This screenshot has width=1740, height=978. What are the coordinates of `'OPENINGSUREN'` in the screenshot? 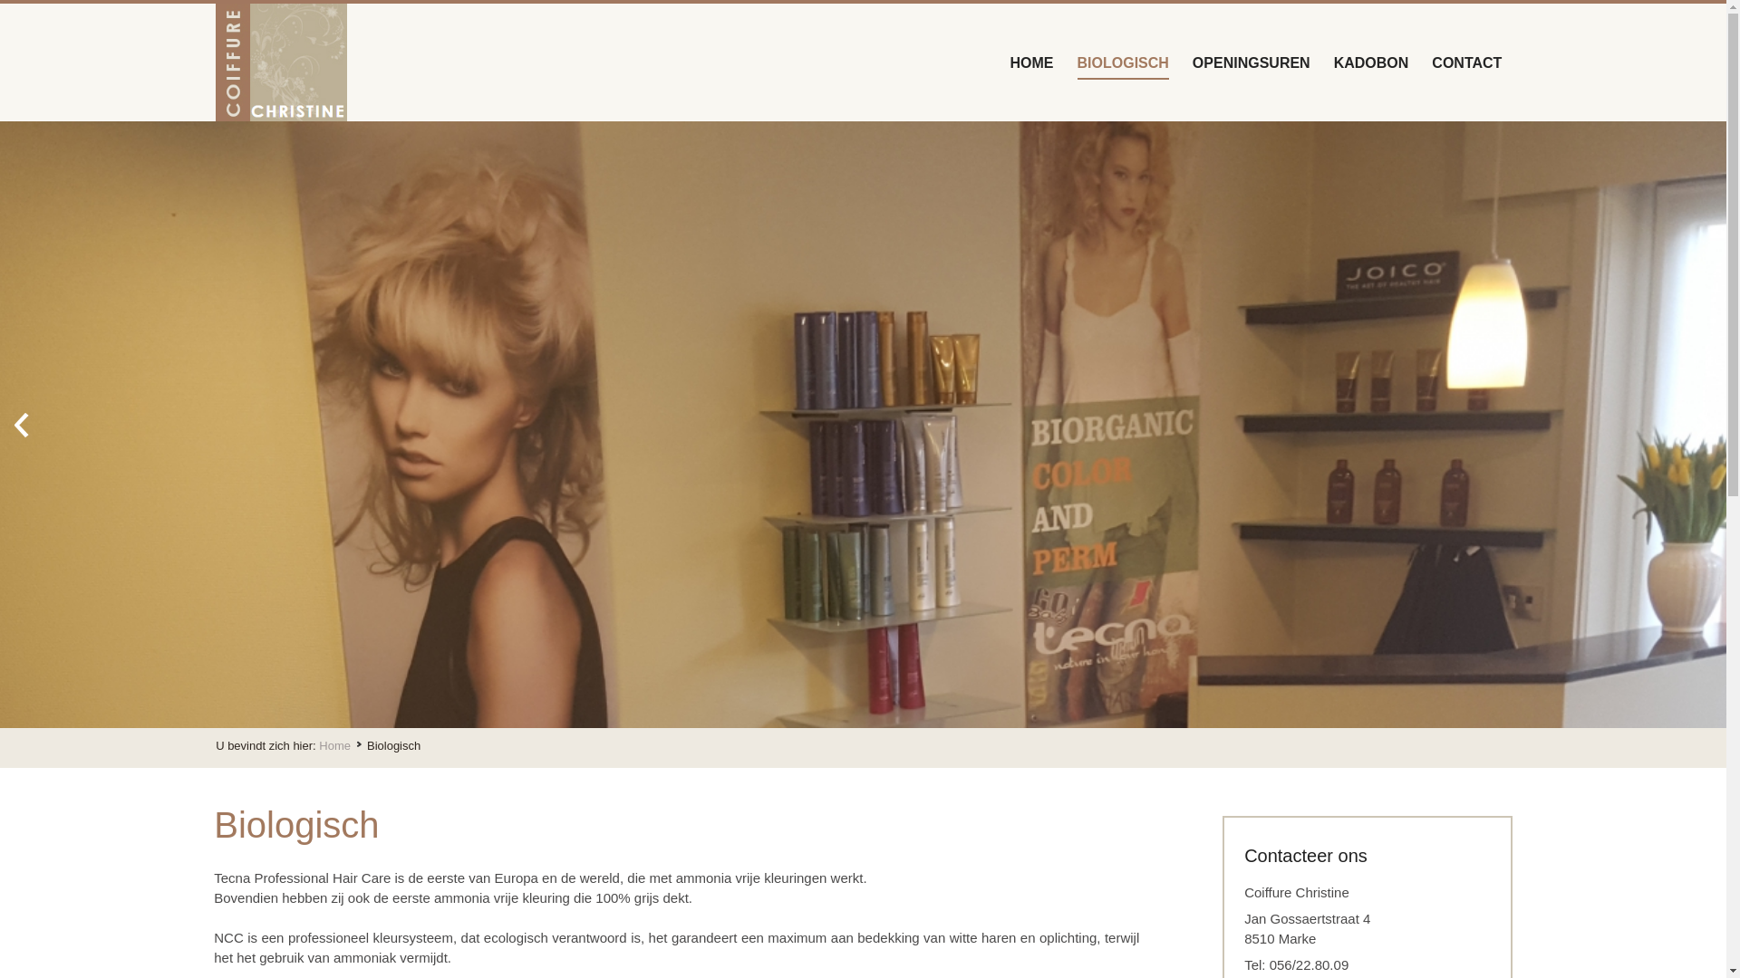 It's located at (1251, 61).